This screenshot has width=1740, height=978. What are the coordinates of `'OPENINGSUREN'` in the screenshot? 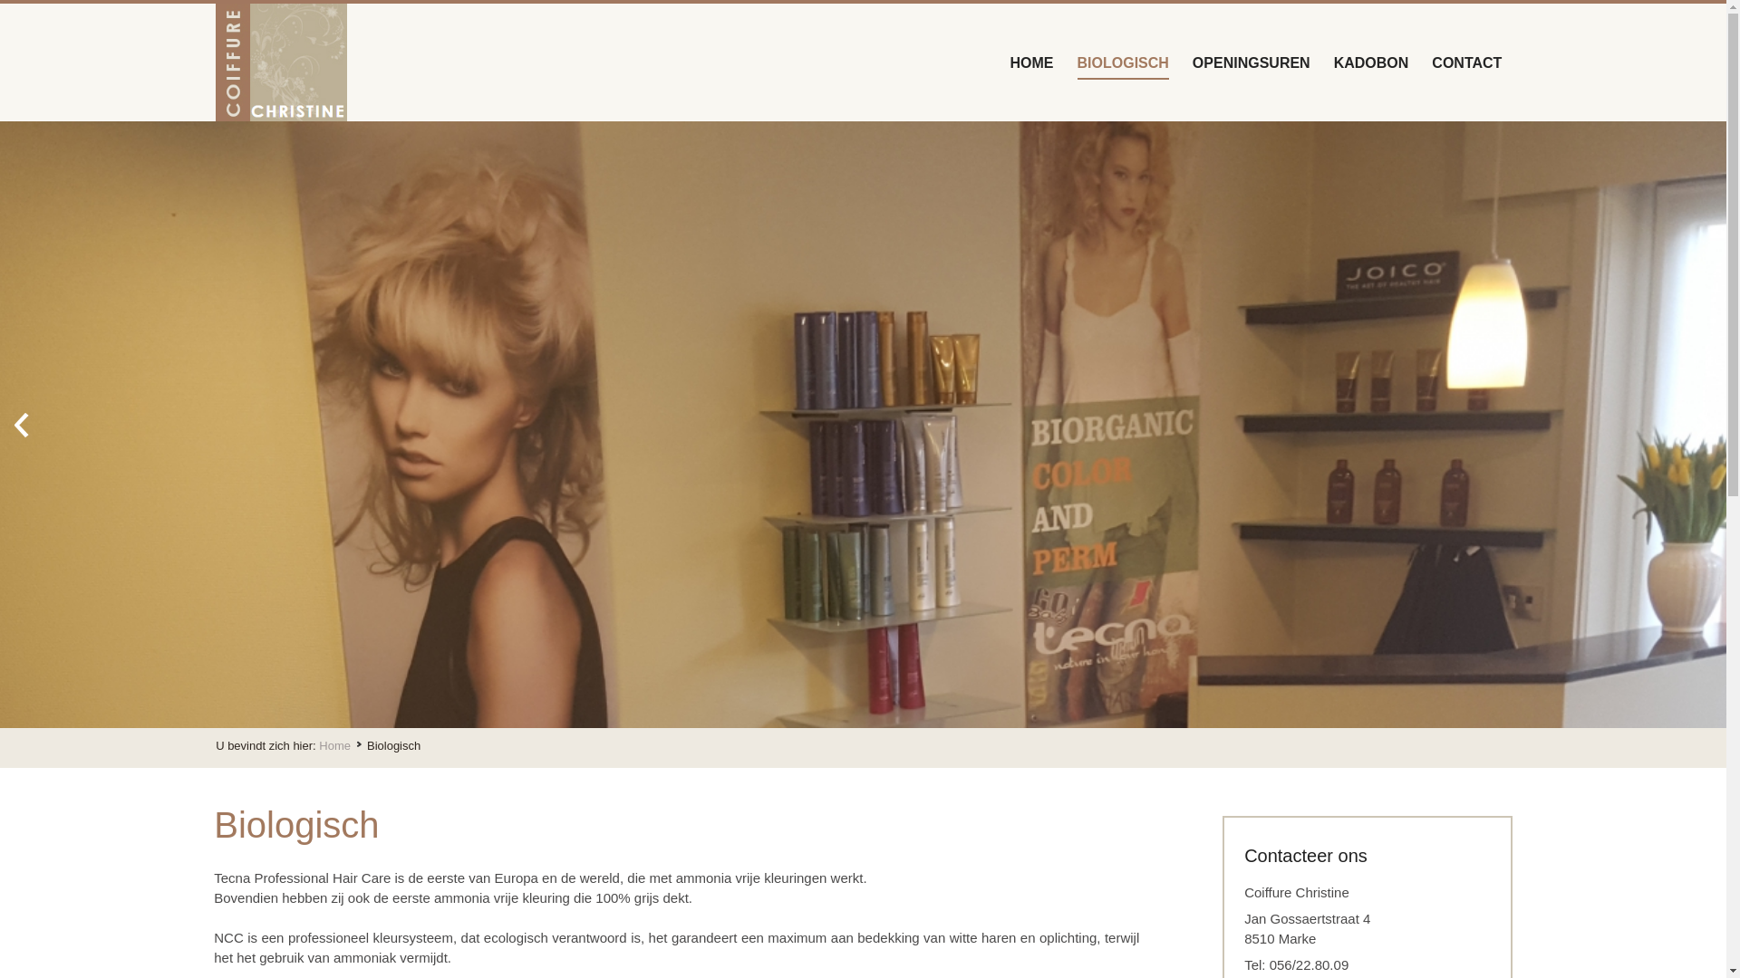 It's located at (1251, 61).